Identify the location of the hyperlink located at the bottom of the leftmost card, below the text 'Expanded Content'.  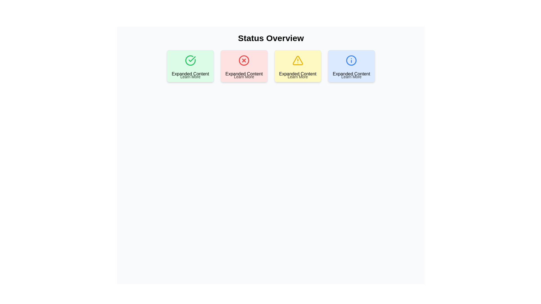
(190, 77).